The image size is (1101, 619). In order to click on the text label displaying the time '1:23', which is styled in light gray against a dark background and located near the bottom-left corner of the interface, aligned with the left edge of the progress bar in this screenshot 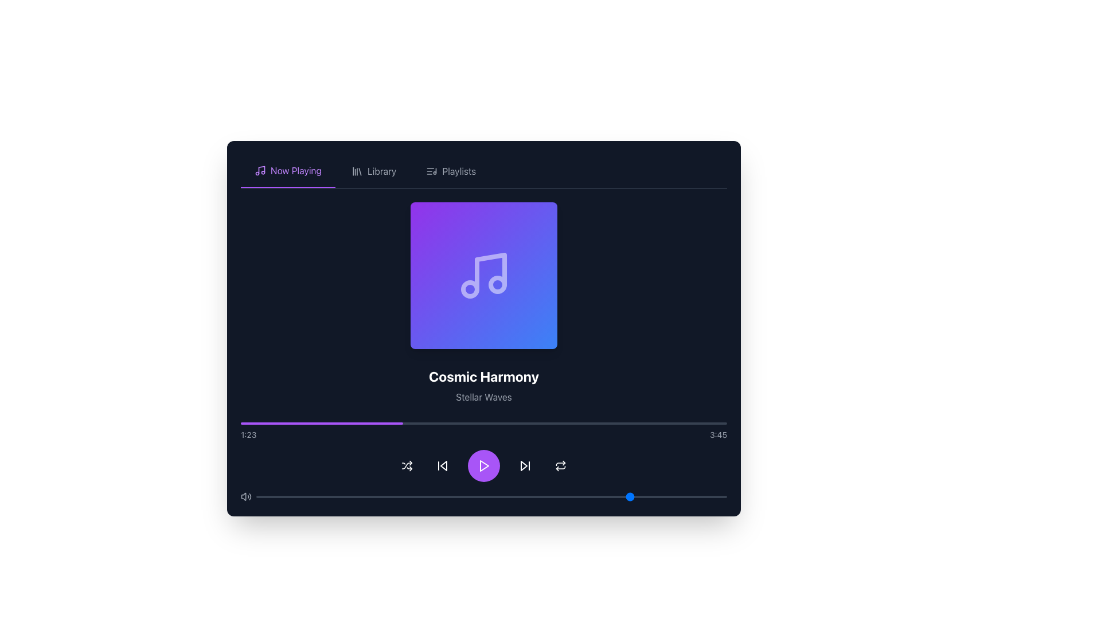, I will do `click(248, 435)`.